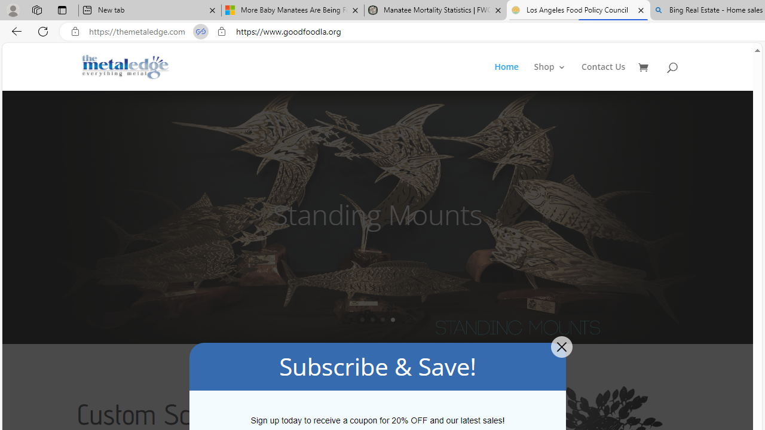 Image resolution: width=765 pixels, height=430 pixels. I want to click on '2', so click(372, 319).